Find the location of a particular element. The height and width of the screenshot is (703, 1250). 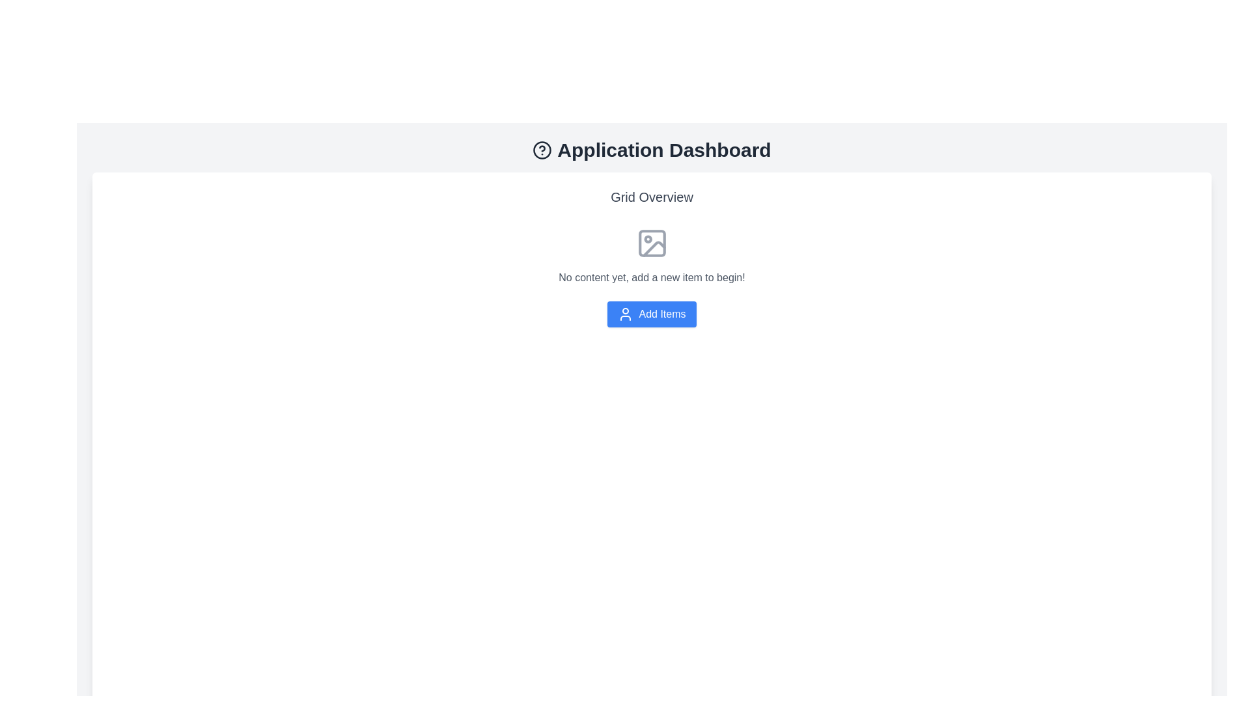

the blue 'Add Items' button with rounded edges, located at the bottom center of the interface, to initiate adding items is located at coordinates (652, 314).